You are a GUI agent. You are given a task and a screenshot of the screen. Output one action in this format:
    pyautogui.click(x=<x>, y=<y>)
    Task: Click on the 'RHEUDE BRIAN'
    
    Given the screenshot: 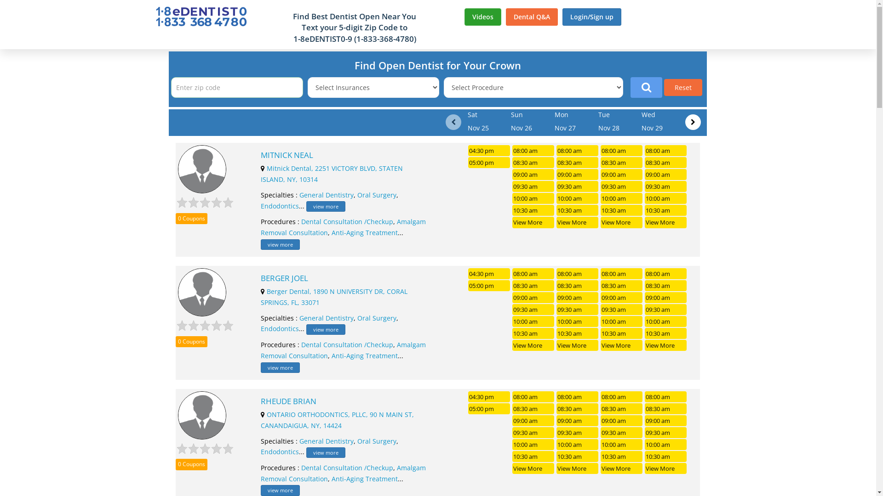 What is the action you would take?
    pyautogui.click(x=260, y=401)
    